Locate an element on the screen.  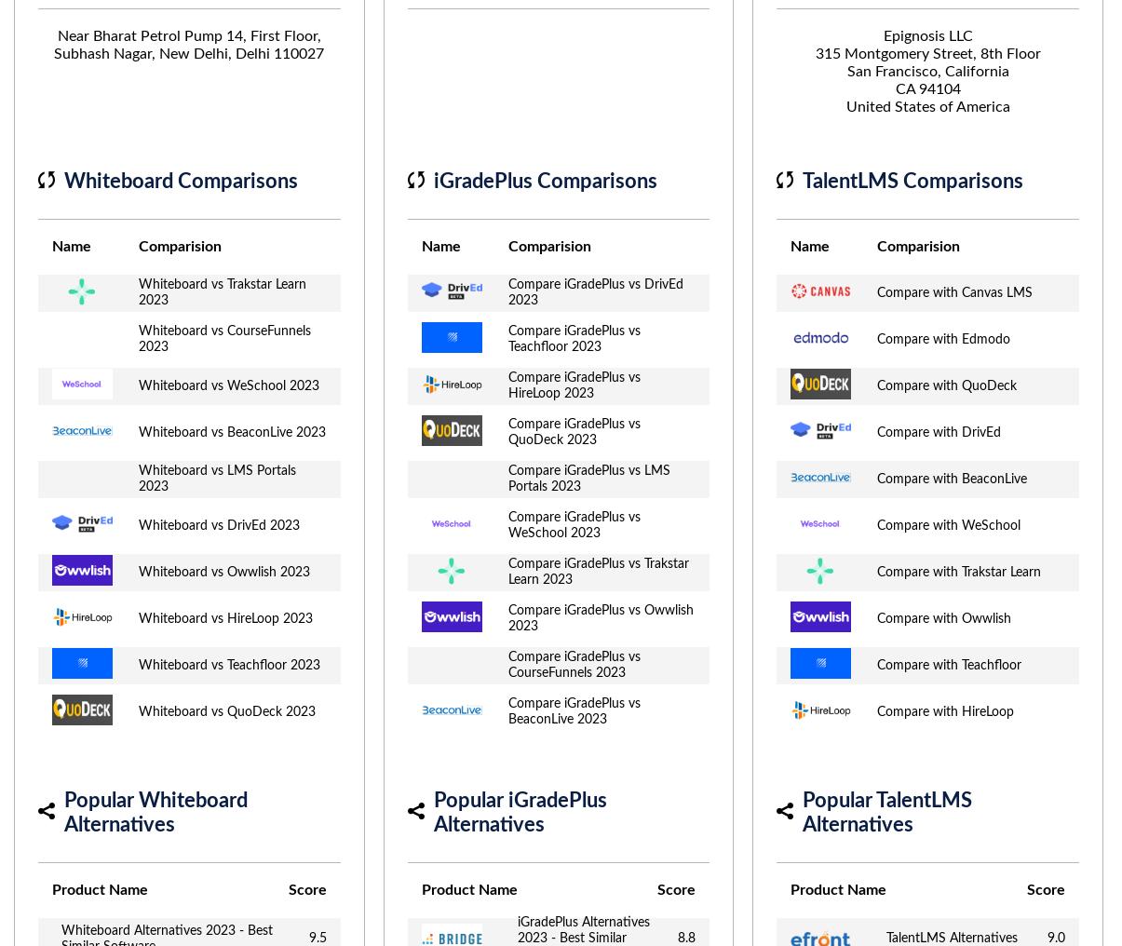
'Whiteboard vs CourseFunnels 2023' is located at coordinates (223, 339).